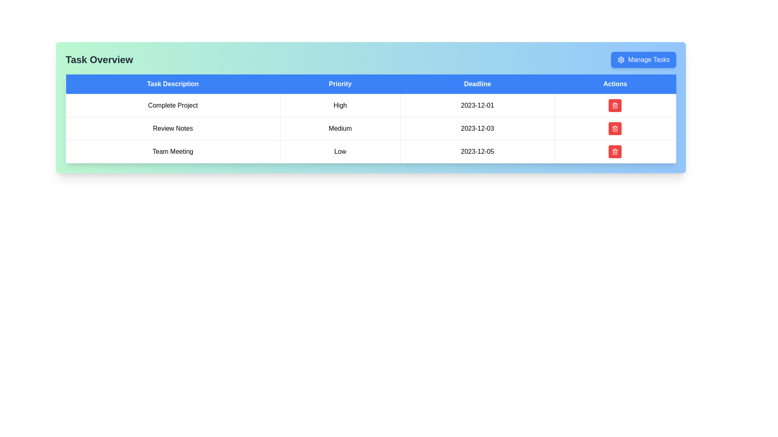 The height and width of the screenshot is (437, 778). What do you see at coordinates (615, 84) in the screenshot?
I see `the Table Header element that has a blue background and displays 'Actions', which is the fourth header in the table layout` at bounding box center [615, 84].